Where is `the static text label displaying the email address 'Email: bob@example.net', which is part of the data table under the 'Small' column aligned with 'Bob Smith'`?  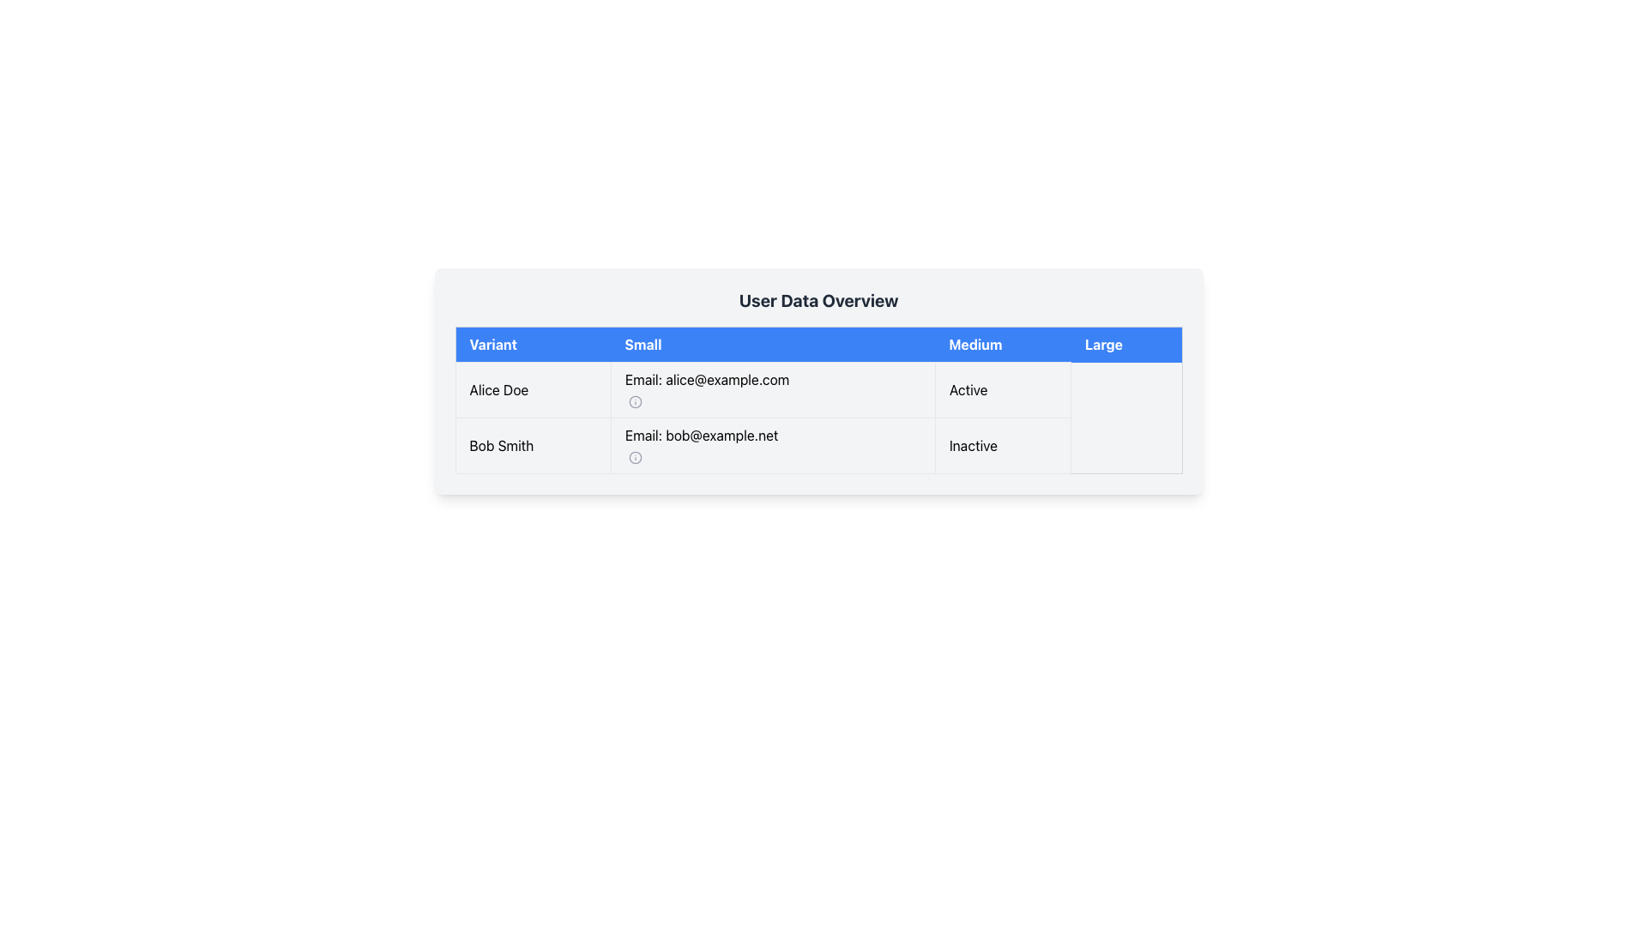
the static text label displaying the email address 'Email: bob@example.net', which is part of the data table under the 'Small' column aligned with 'Bob Smith' is located at coordinates (772, 435).